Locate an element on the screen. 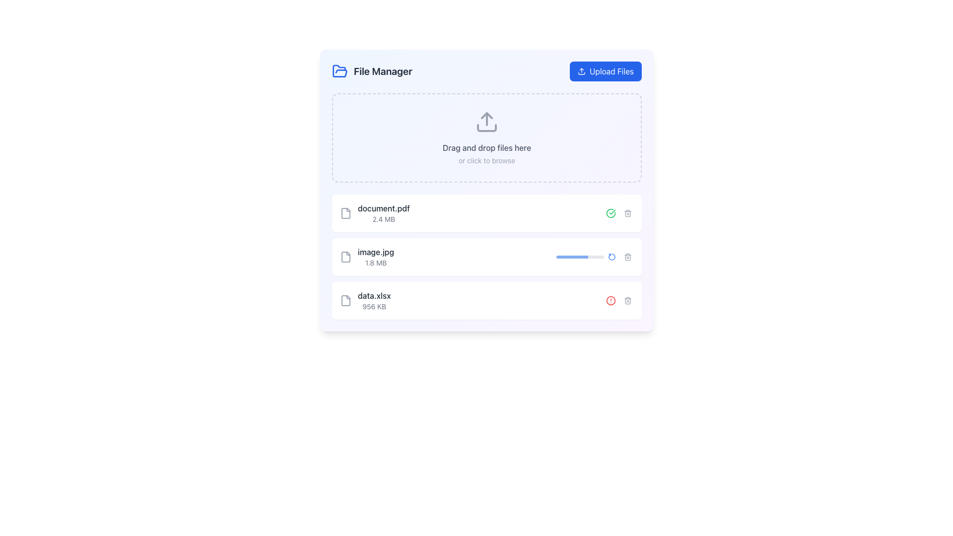  the document file icon representing 'document.pdf' to visually identify the file type is located at coordinates (345, 212).